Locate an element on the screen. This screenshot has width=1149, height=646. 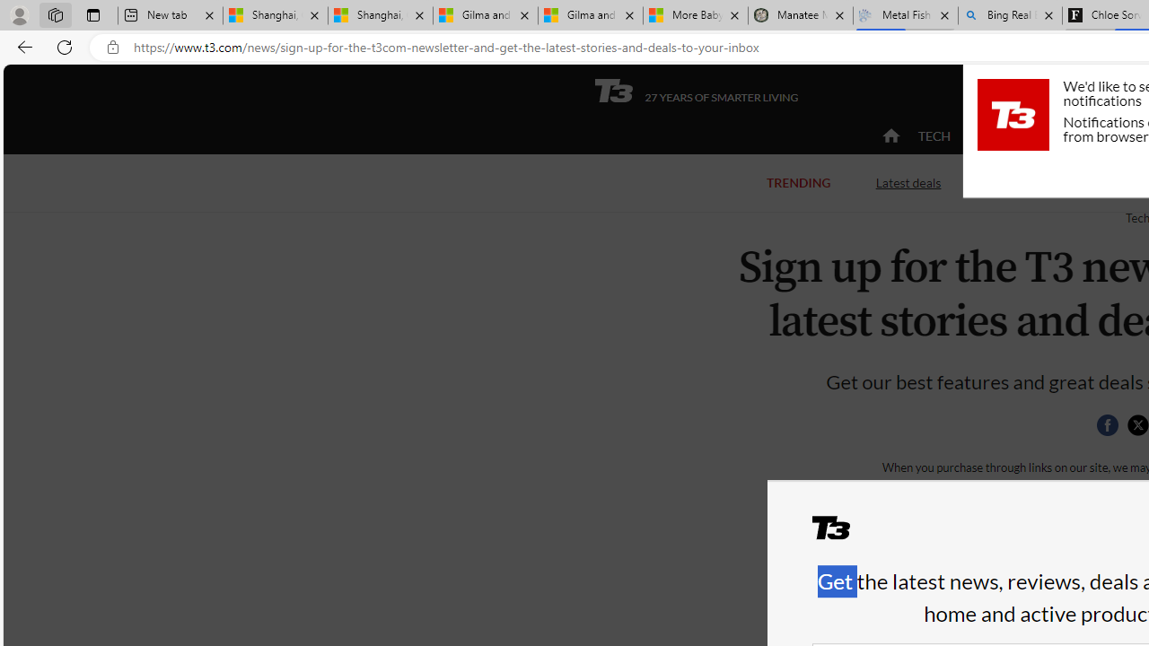
'T3 27 YEARS OF SMARTER LIVING' is located at coordinates (695, 91).